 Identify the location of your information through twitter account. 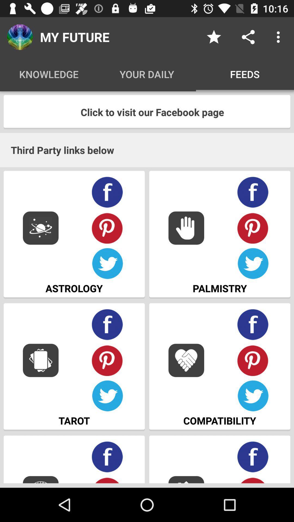
(253, 264).